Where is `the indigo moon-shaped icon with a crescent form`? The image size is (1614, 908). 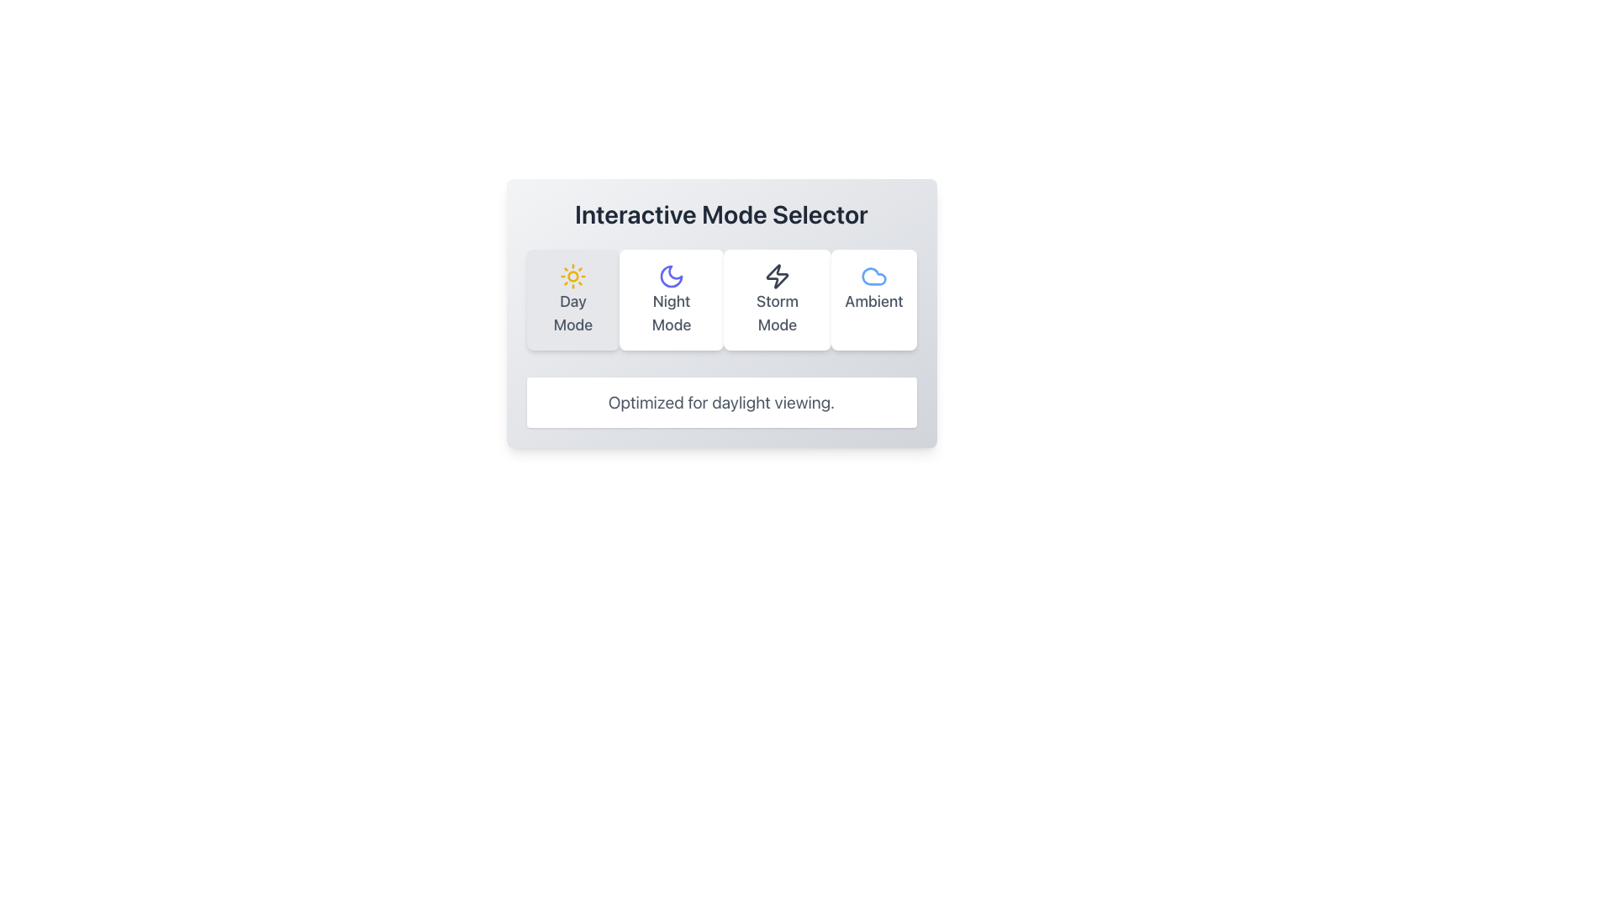
the indigo moon-shaped icon with a crescent form is located at coordinates (671, 275).